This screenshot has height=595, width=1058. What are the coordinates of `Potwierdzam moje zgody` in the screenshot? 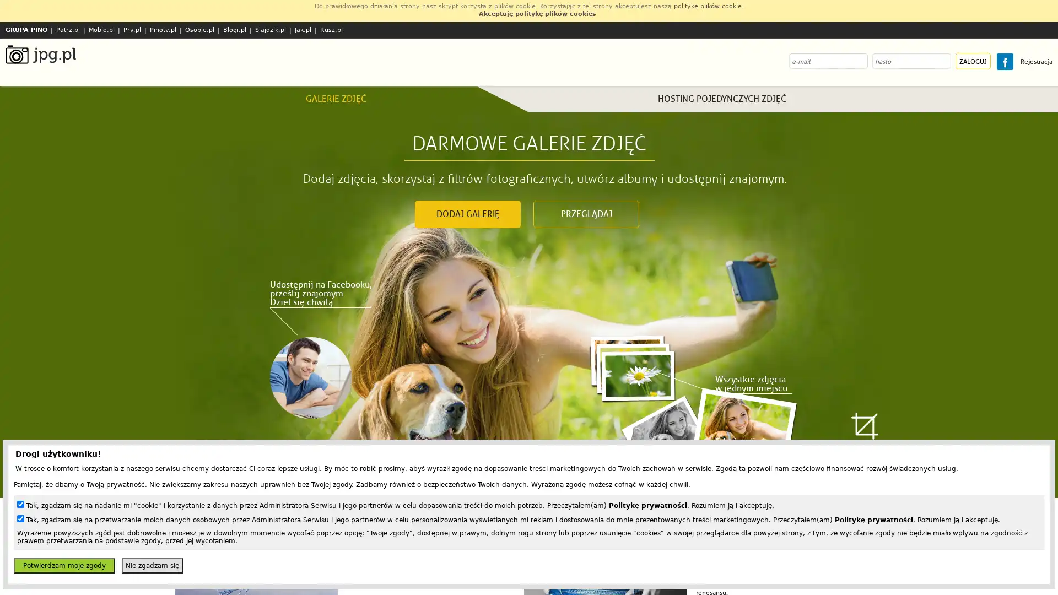 It's located at (63, 565).